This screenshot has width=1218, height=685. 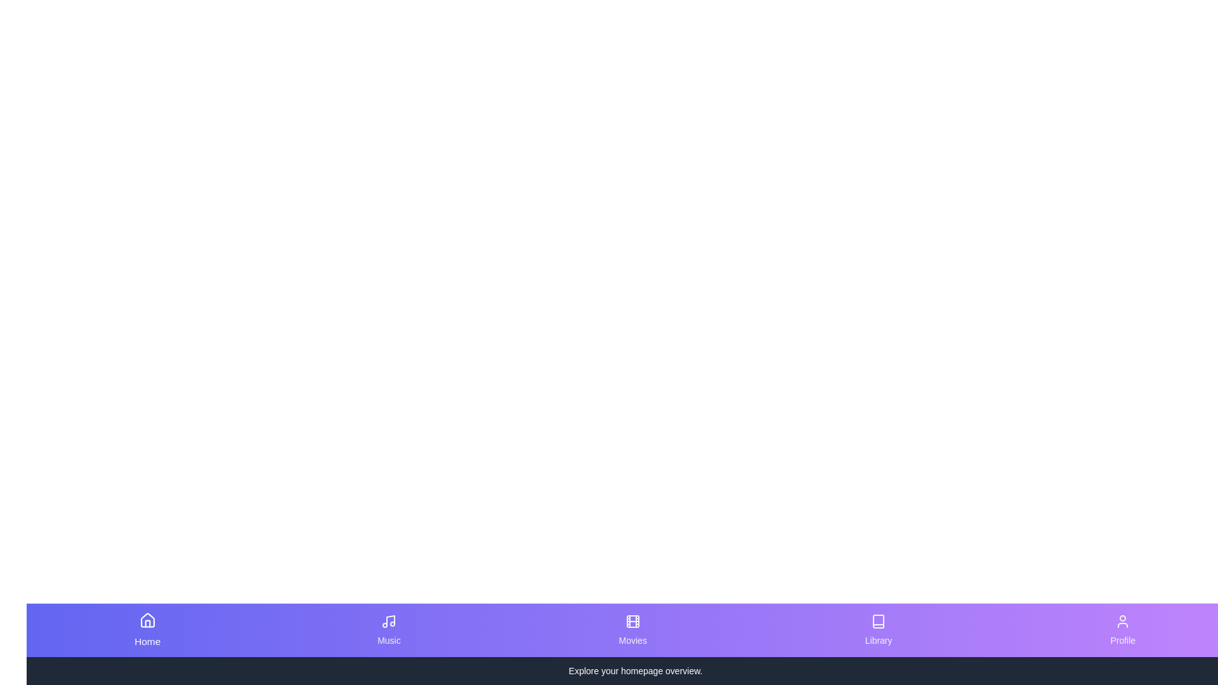 What do you see at coordinates (388, 630) in the screenshot?
I see `the tab corresponding to Music` at bounding box center [388, 630].